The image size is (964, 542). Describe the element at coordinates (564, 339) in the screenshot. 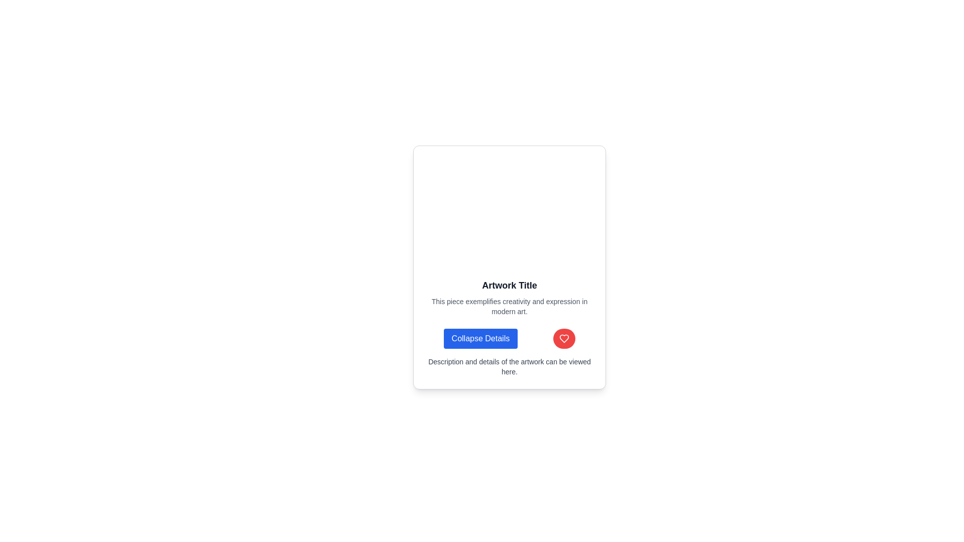

I see `the heart-shaped icon button located at the bottom-right corner of the content card` at that location.